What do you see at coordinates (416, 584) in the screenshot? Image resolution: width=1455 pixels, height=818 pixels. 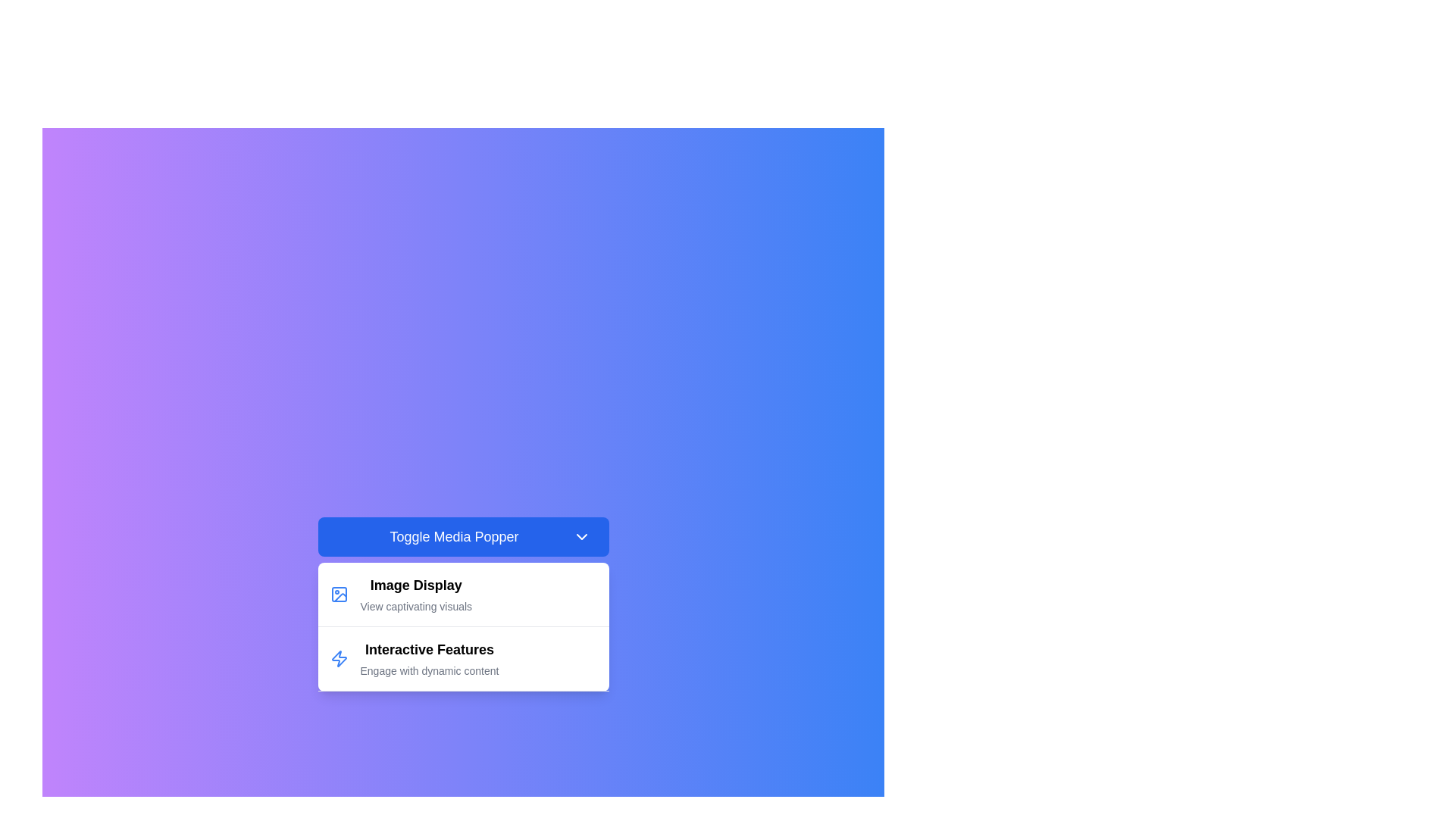 I see `the Text label that serves as a title for the image display section, positioned above the text 'View captivating visuals.'` at bounding box center [416, 584].